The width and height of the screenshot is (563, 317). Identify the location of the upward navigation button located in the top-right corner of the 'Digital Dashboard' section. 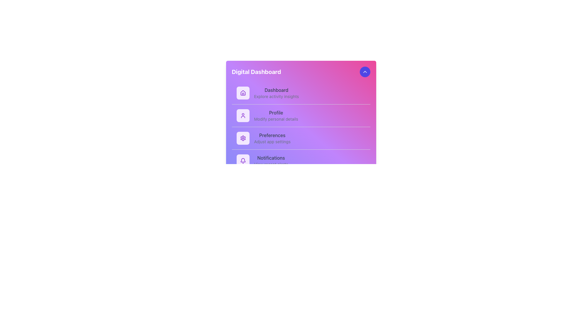
(364, 72).